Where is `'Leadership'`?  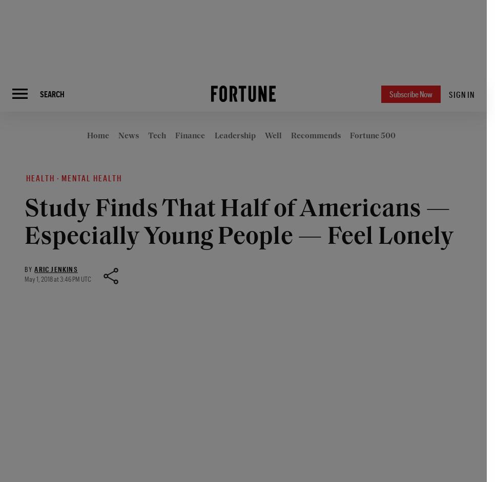 'Leadership' is located at coordinates (215, 135).